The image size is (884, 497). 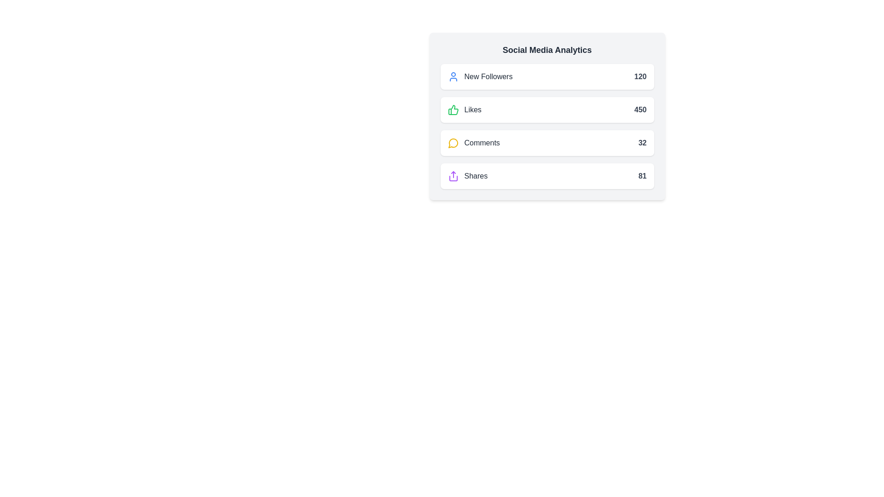 What do you see at coordinates (474, 143) in the screenshot?
I see `the 'Comments' text with the yellow comment icon in the third row of the Social Media Analytics dashboard` at bounding box center [474, 143].